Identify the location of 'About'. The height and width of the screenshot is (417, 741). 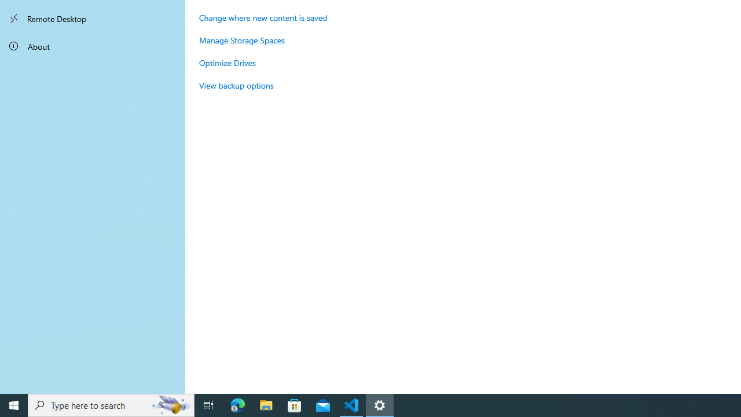
(93, 45).